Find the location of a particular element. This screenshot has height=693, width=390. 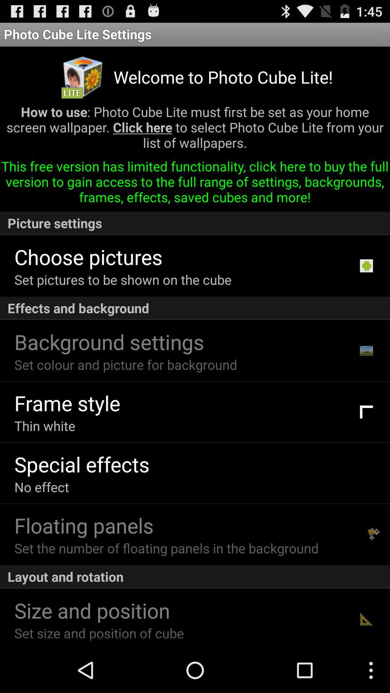

the icon below the how to use icon is located at coordinates (195, 184).